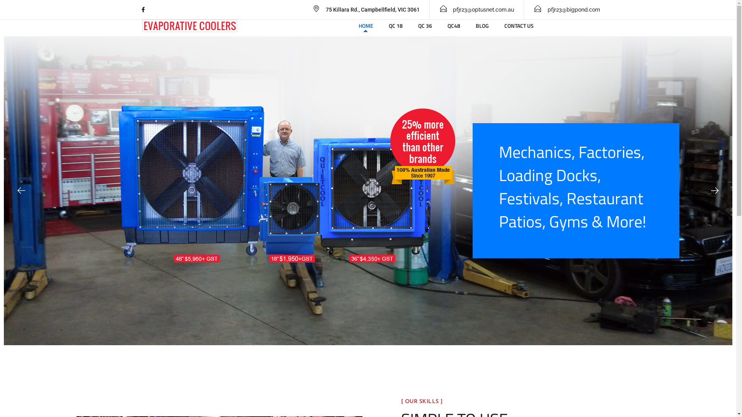  Describe the element at coordinates (476, 9) in the screenshot. I see `'pfjr23@optusnet.com.au'` at that location.